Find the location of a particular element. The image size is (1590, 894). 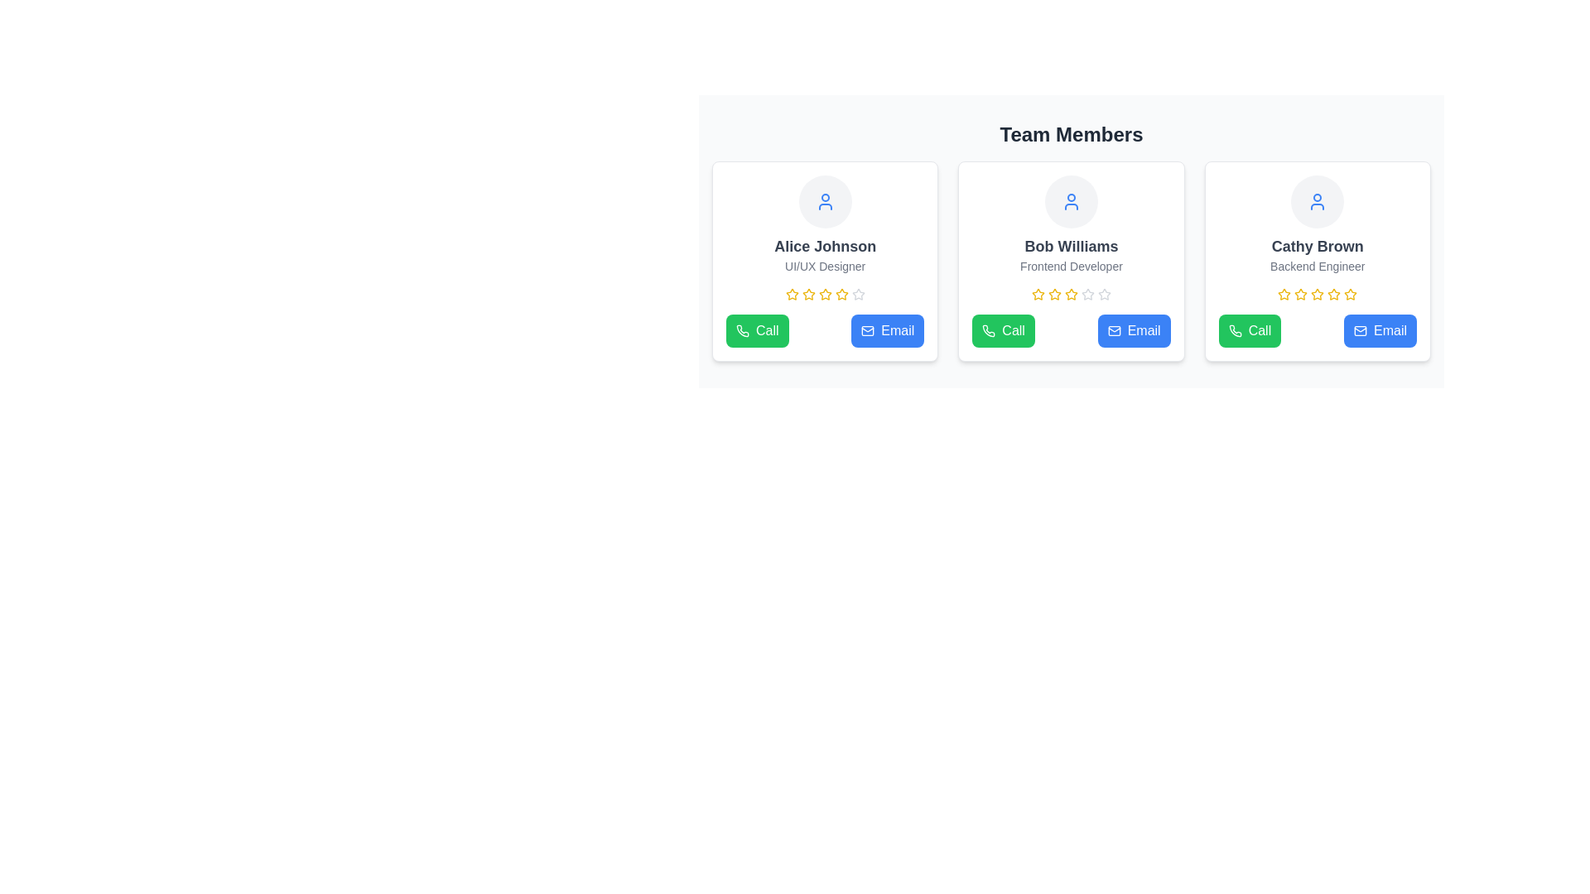

the icon representing 'Cathy Brown', which is located in the top section of her card, centrally aligned above her name and title within the 'Team Members' section is located at coordinates (1317, 200).